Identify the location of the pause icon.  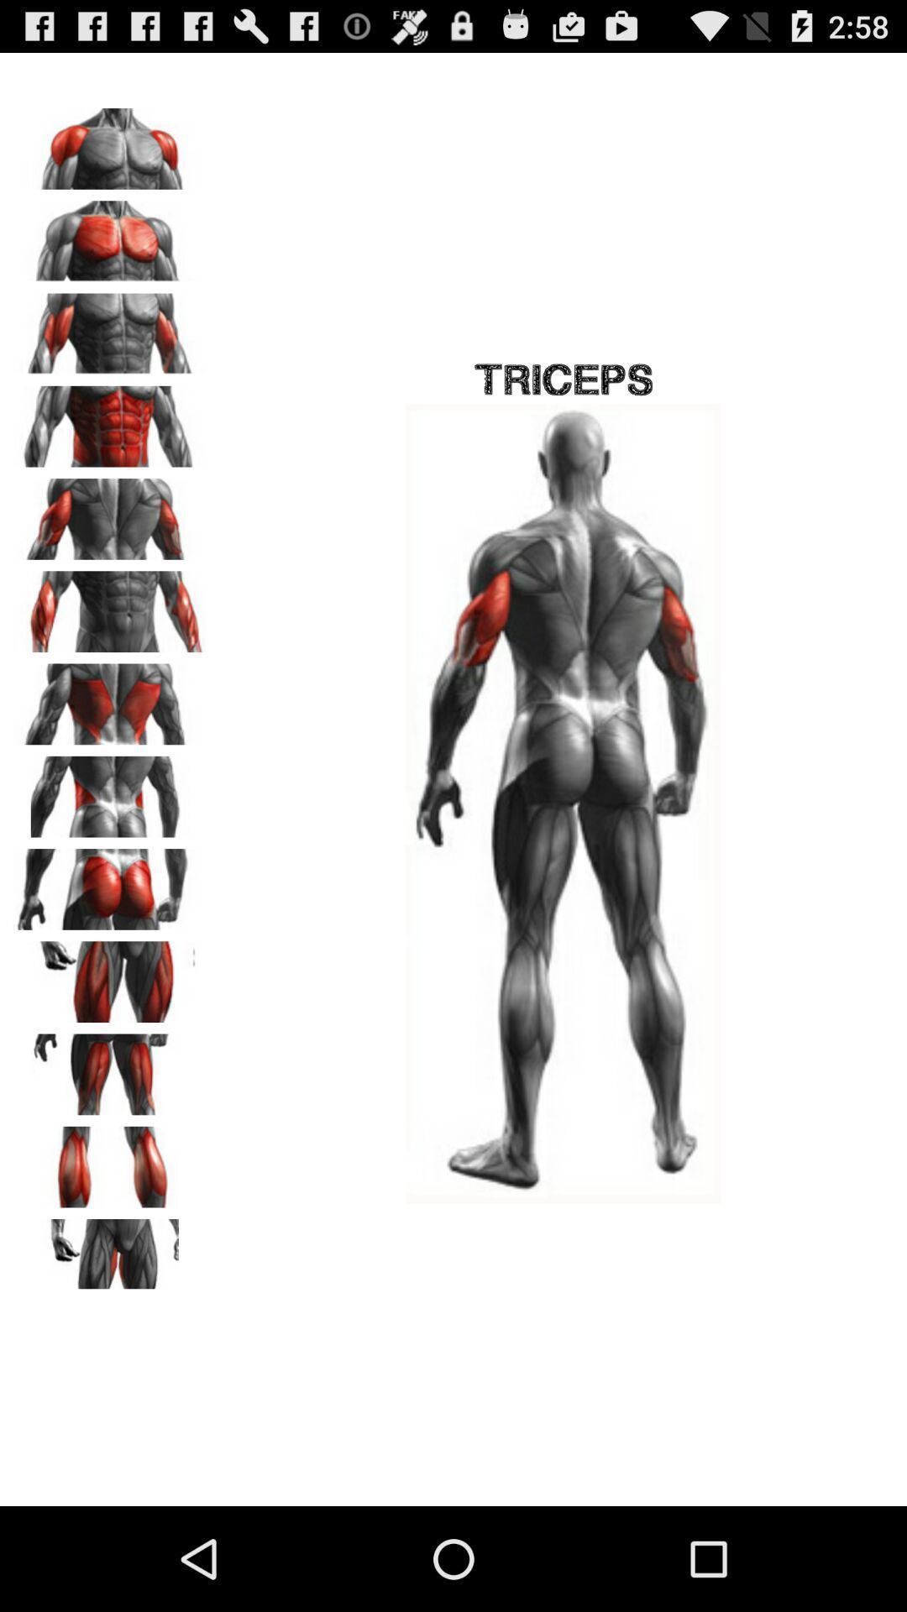
(110, 1243).